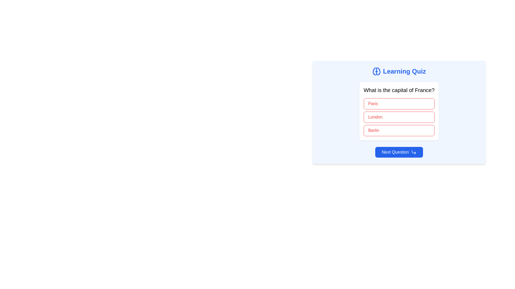  Describe the element at coordinates (395, 152) in the screenshot. I see `text 'Next Question' from the bold, white text label on the rounded blue button located at the bottom of the quiz interface` at that location.